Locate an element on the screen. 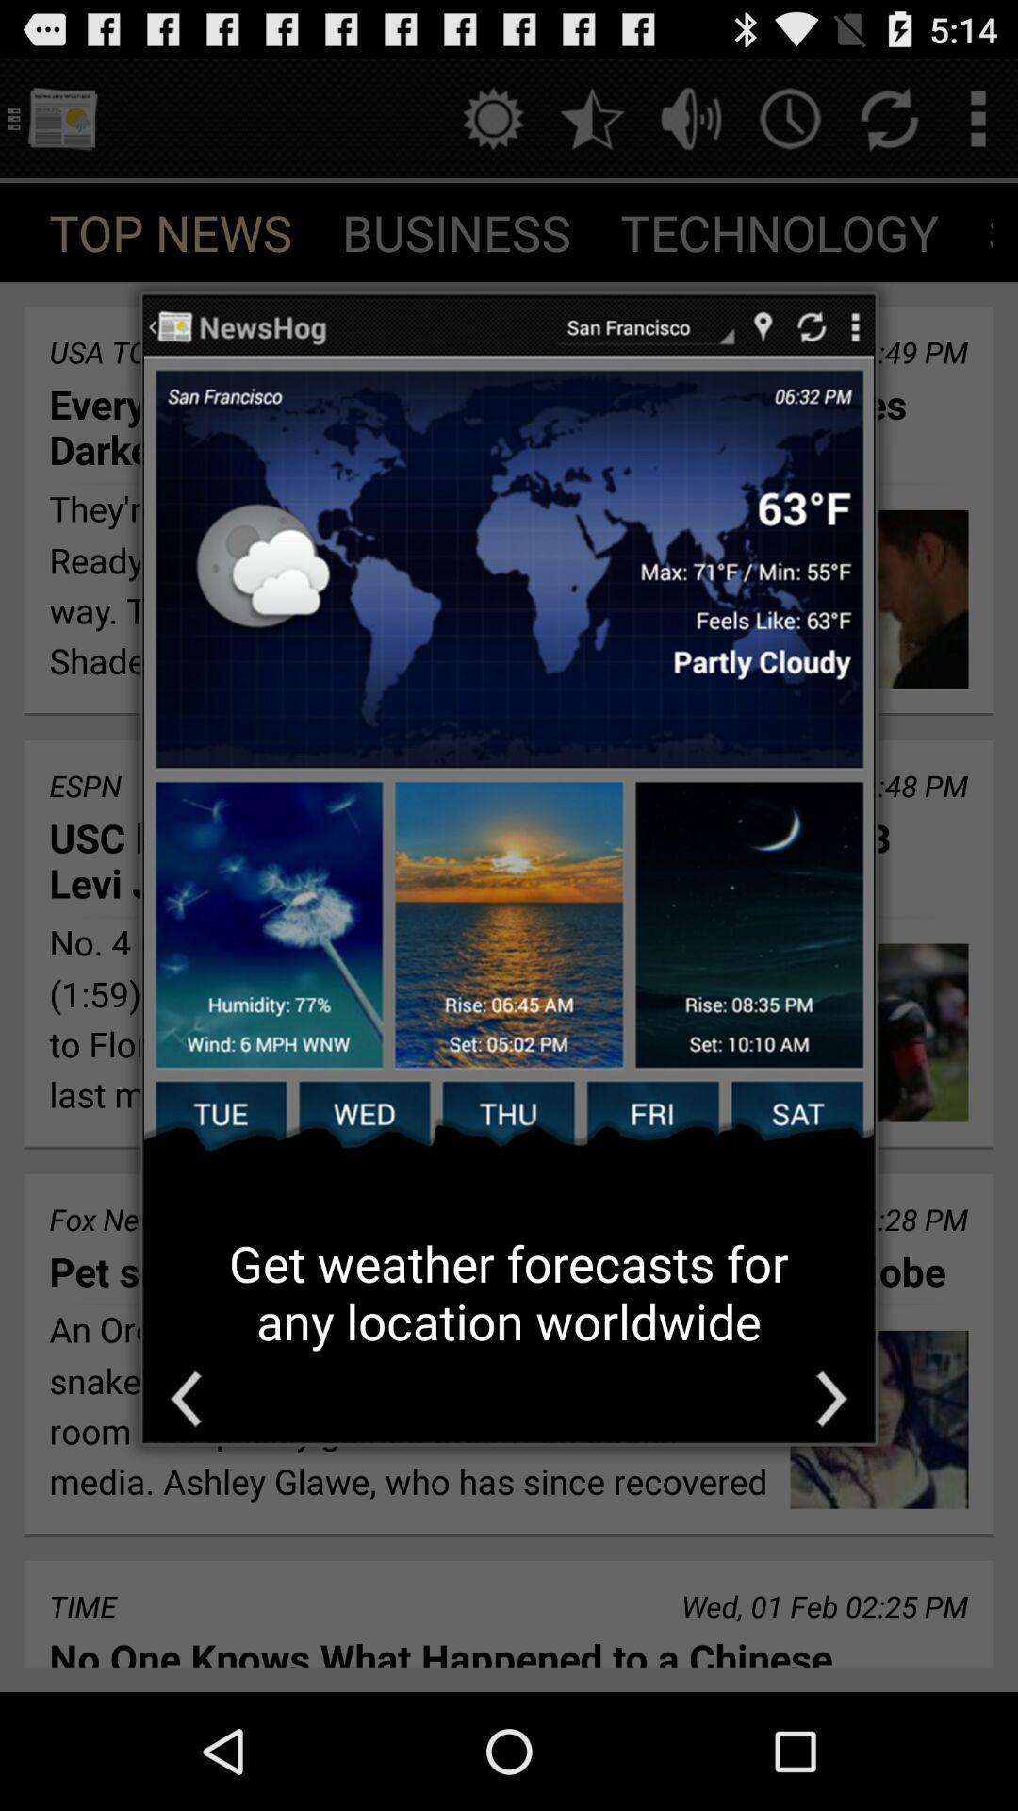 The height and width of the screenshot is (1811, 1018). next image is located at coordinates (830, 1399).